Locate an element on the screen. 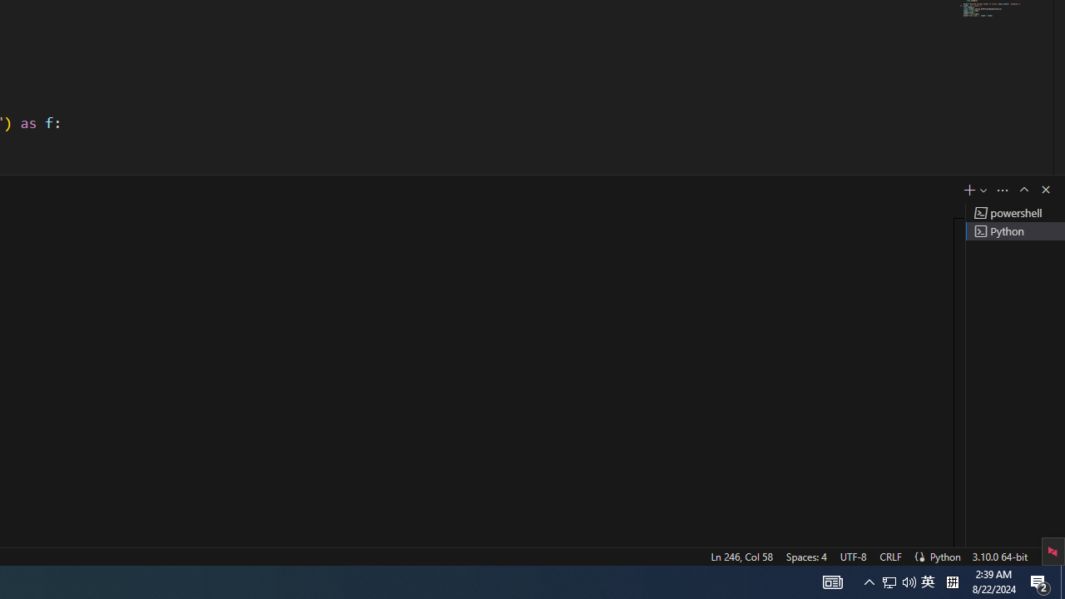 The width and height of the screenshot is (1065, 599). 'Views and More Actions...' is located at coordinates (1002, 189).